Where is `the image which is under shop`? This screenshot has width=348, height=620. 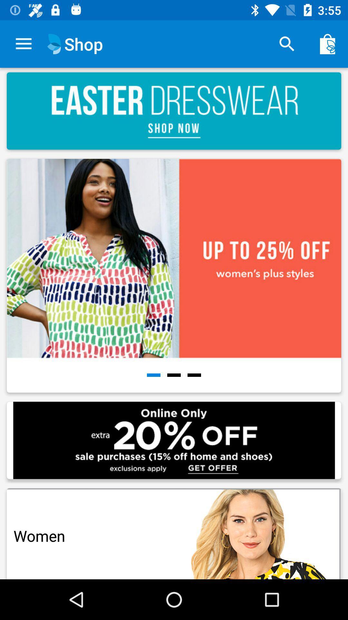
the image which is under shop is located at coordinates (174, 111).